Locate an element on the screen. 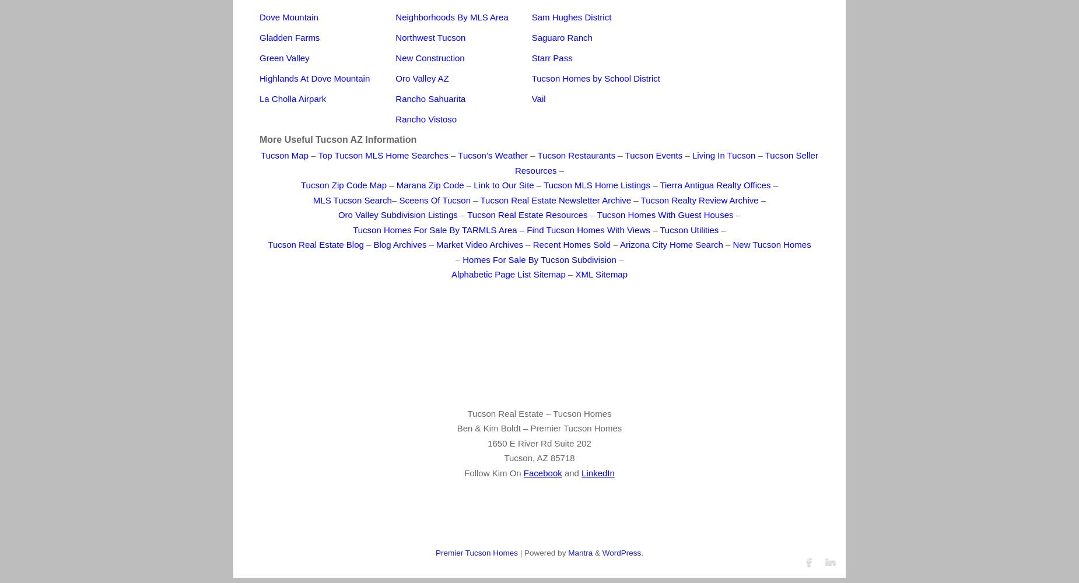  'Sceens Of Tucson' is located at coordinates (436, 199).